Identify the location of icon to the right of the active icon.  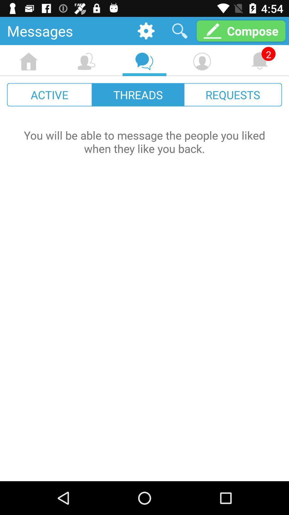
(138, 95).